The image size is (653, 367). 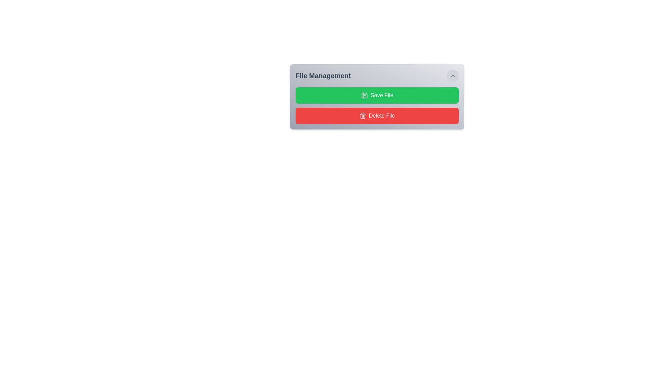 What do you see at coordinates (364, 95) in the screenshot?
I see `the save icon inside the green 'Save File' button located in the 'File Management' section` at bounding box center [364, 95].